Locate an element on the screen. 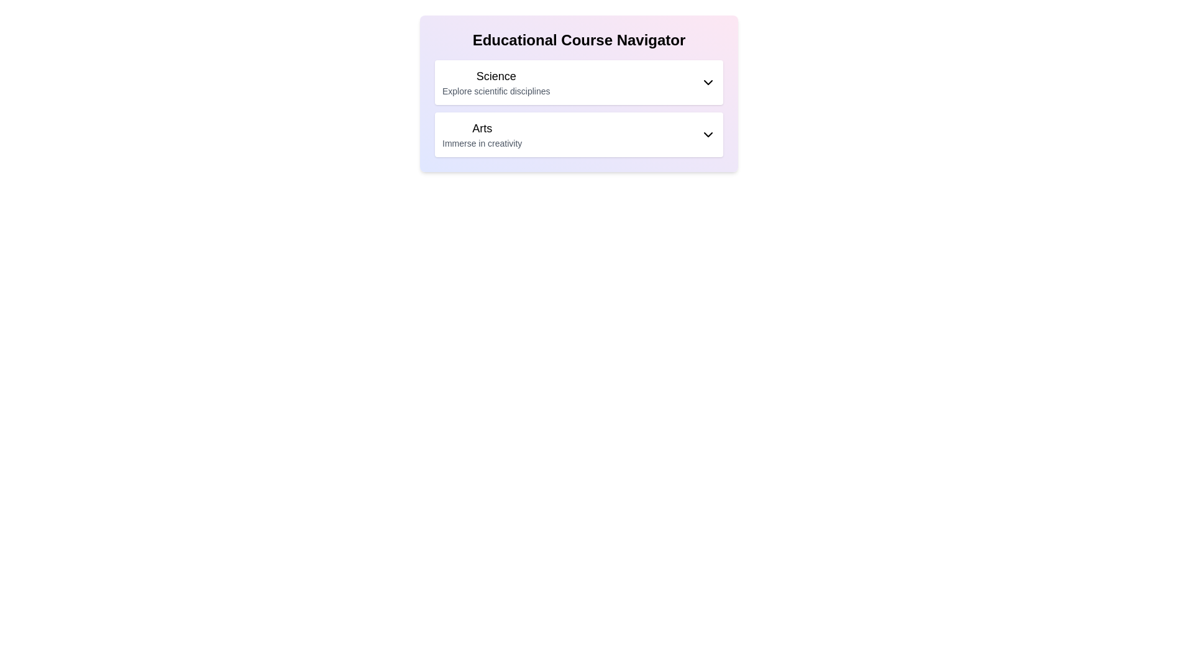  the chevron icon located to the far right of the 'Science' section, next to the text 'Explore scientific disciplines' is located at coordinates (708, 82).